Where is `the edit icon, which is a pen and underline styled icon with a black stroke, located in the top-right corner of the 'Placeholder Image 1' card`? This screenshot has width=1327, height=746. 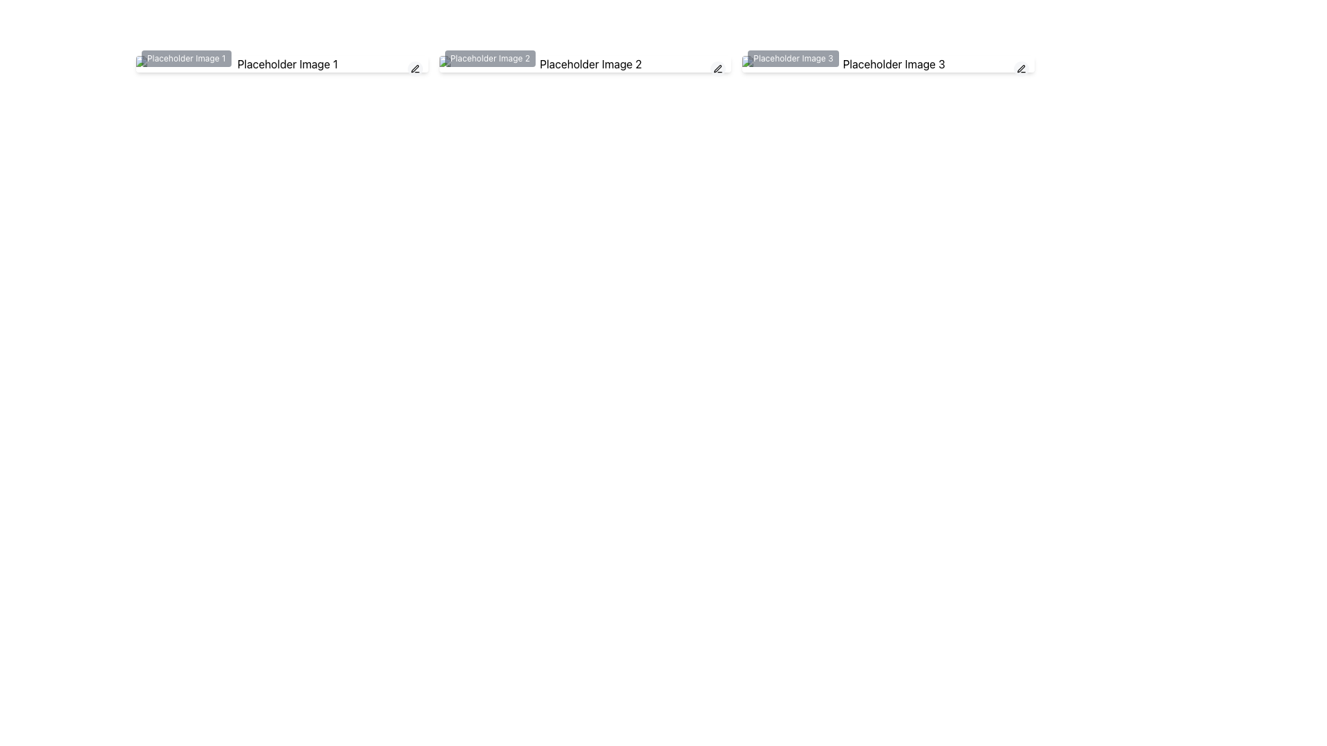 the edit icon, which is a pen and underline styled icon with a black stroke, located in the top-right corner of the 'Placeholder Image 1' card is located at coordinates (414, 69).